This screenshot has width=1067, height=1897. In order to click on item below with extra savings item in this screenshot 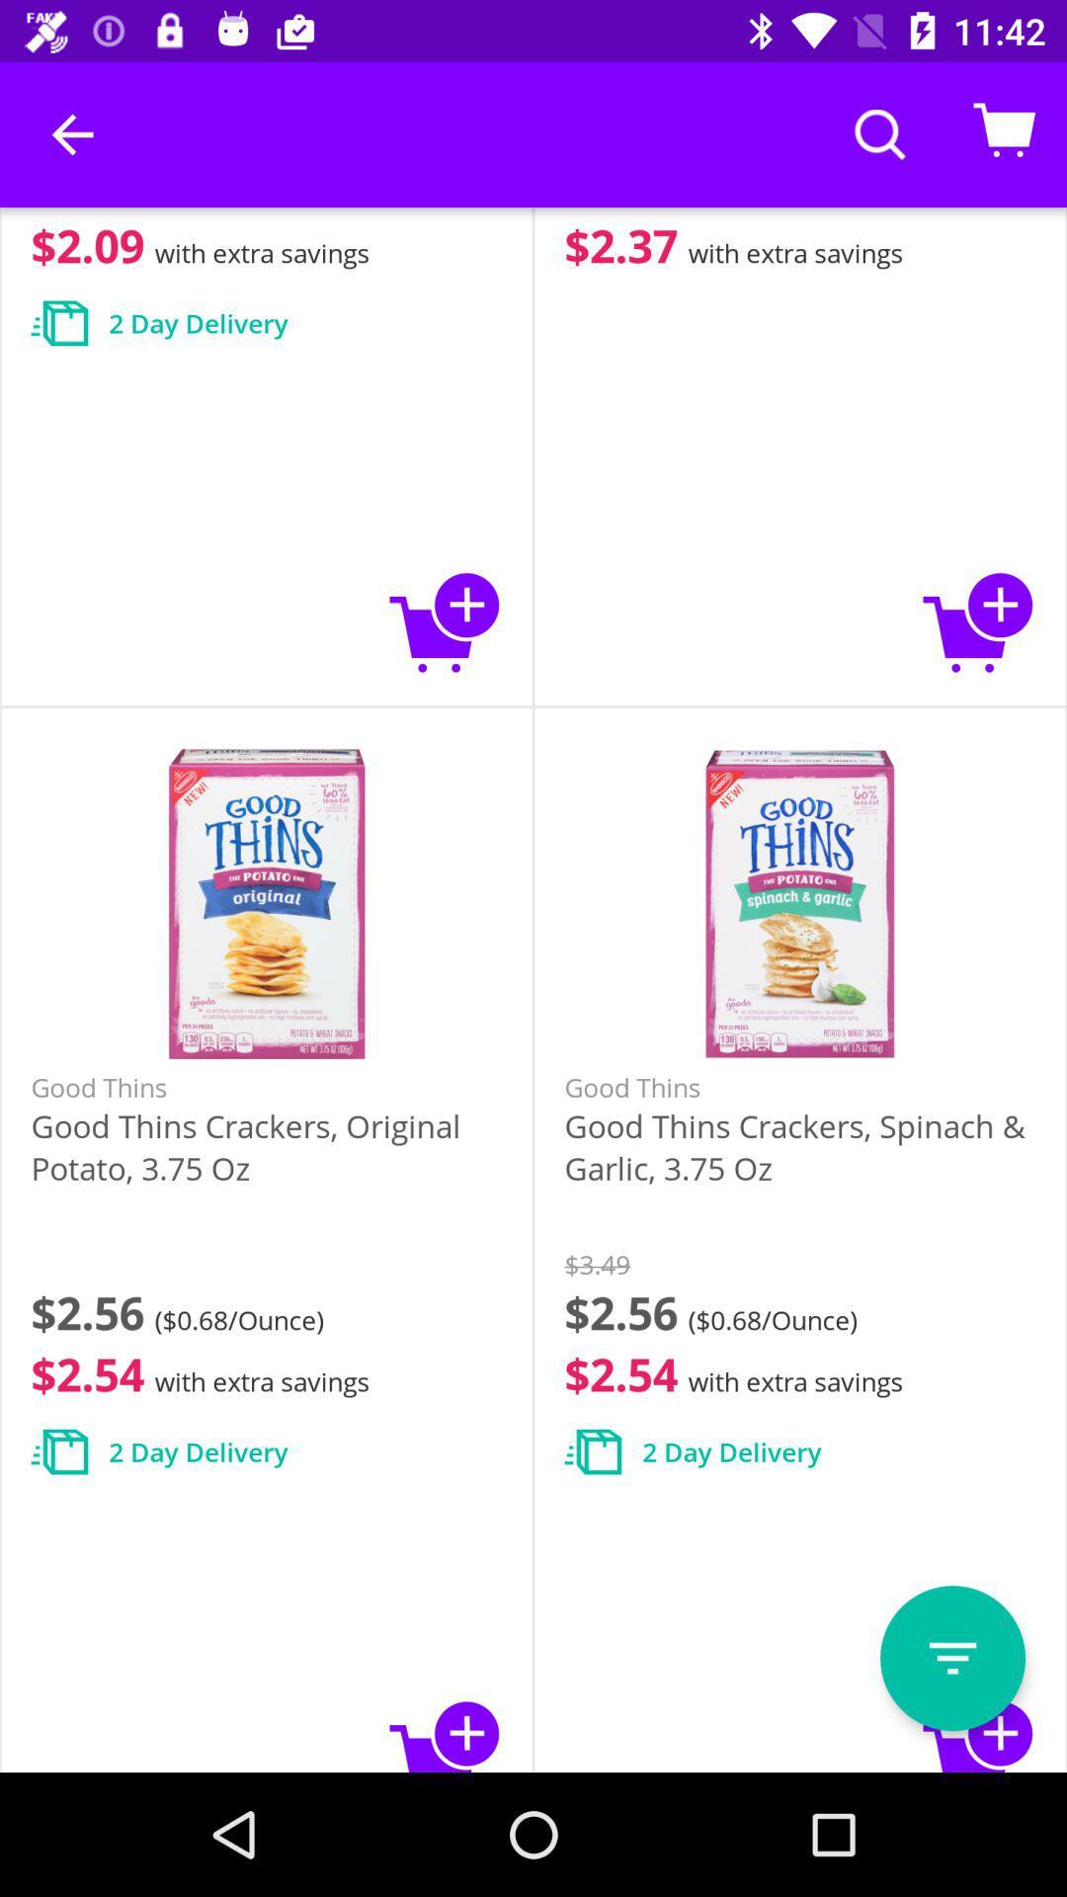, I will do `click(951, 1658)`.